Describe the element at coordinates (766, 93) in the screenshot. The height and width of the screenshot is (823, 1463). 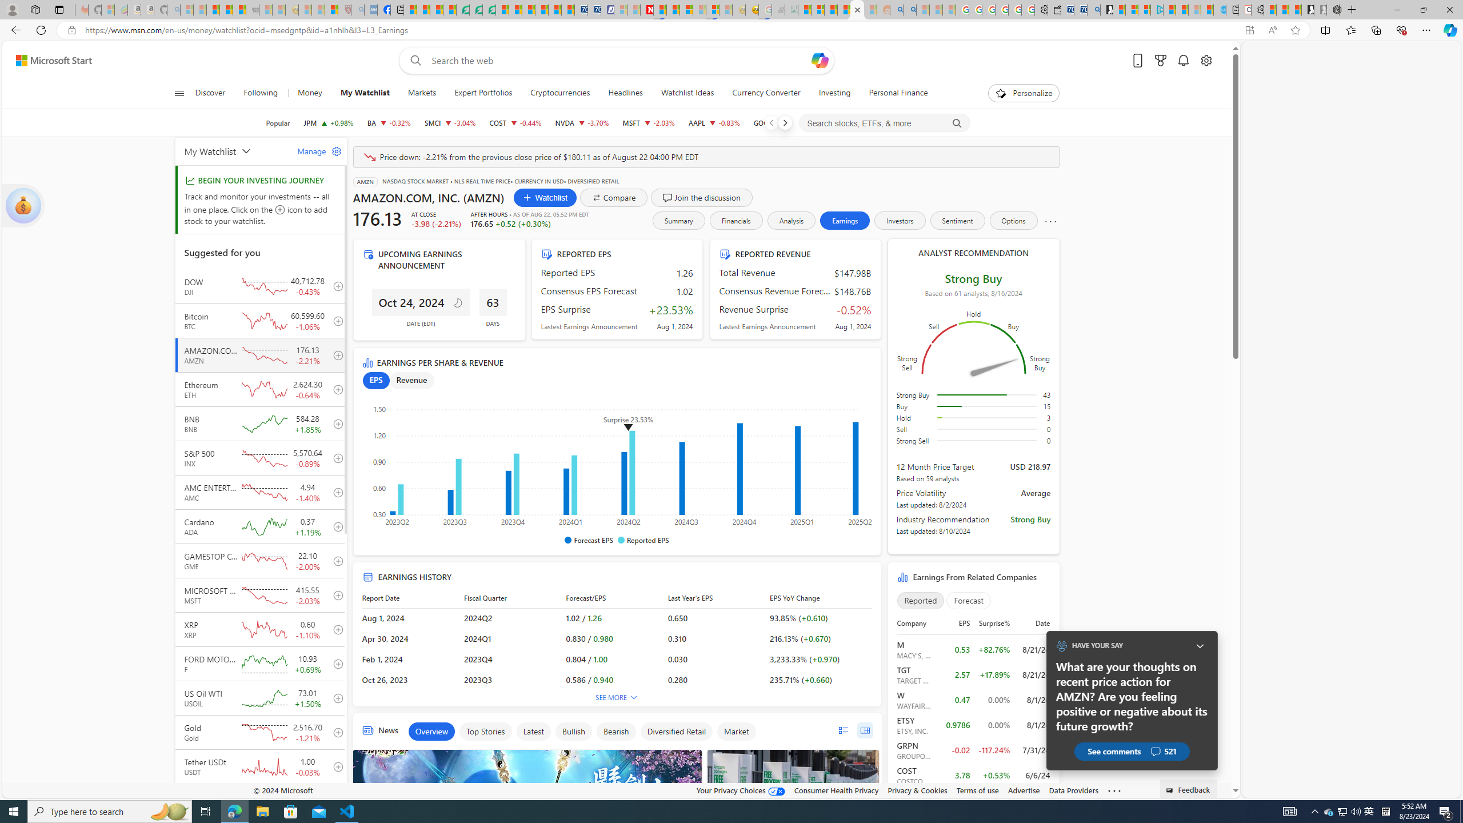
I see `'Currency Converter'` at that location.